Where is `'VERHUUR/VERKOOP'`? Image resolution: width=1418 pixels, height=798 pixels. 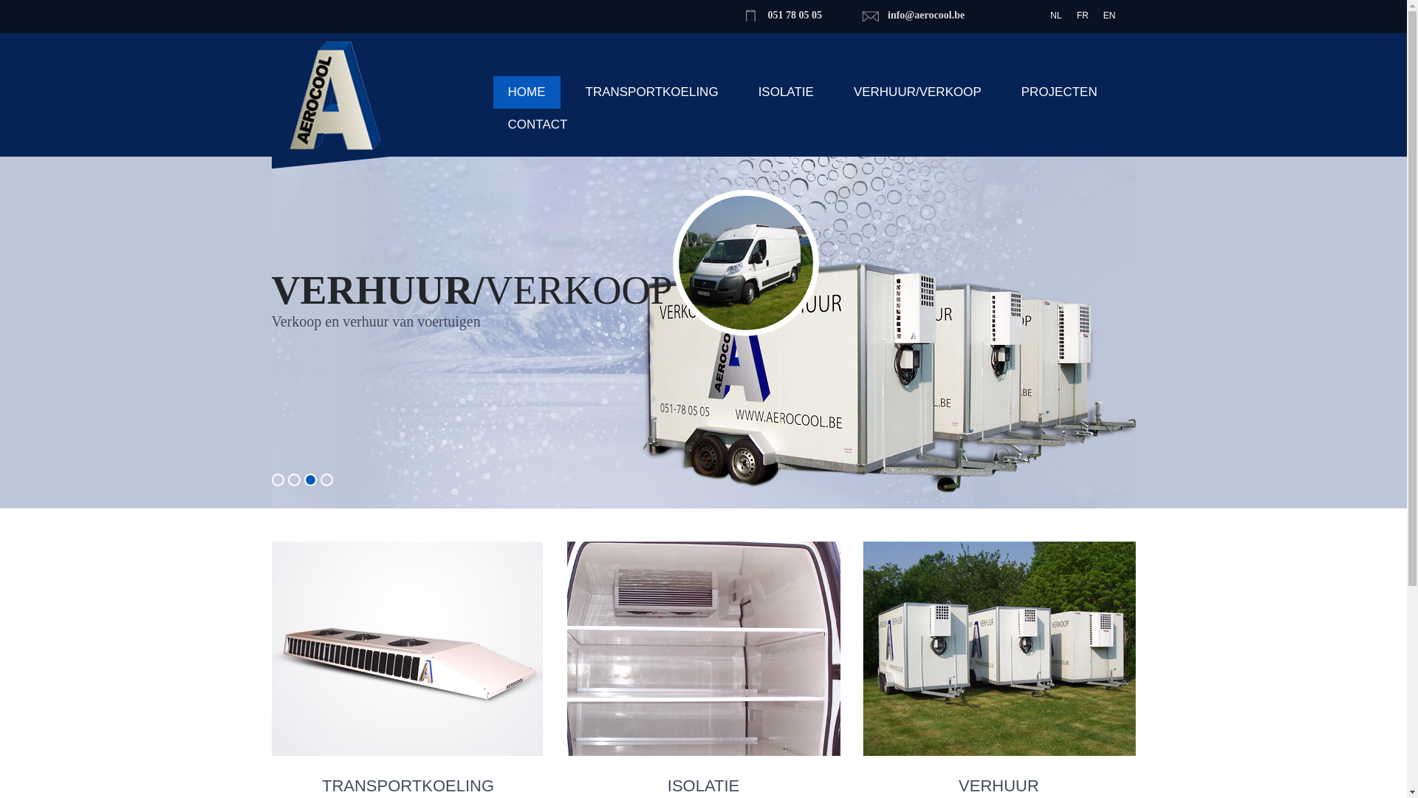
'VERHUUR/VERKOOP' is located at coordinates (917, 92).